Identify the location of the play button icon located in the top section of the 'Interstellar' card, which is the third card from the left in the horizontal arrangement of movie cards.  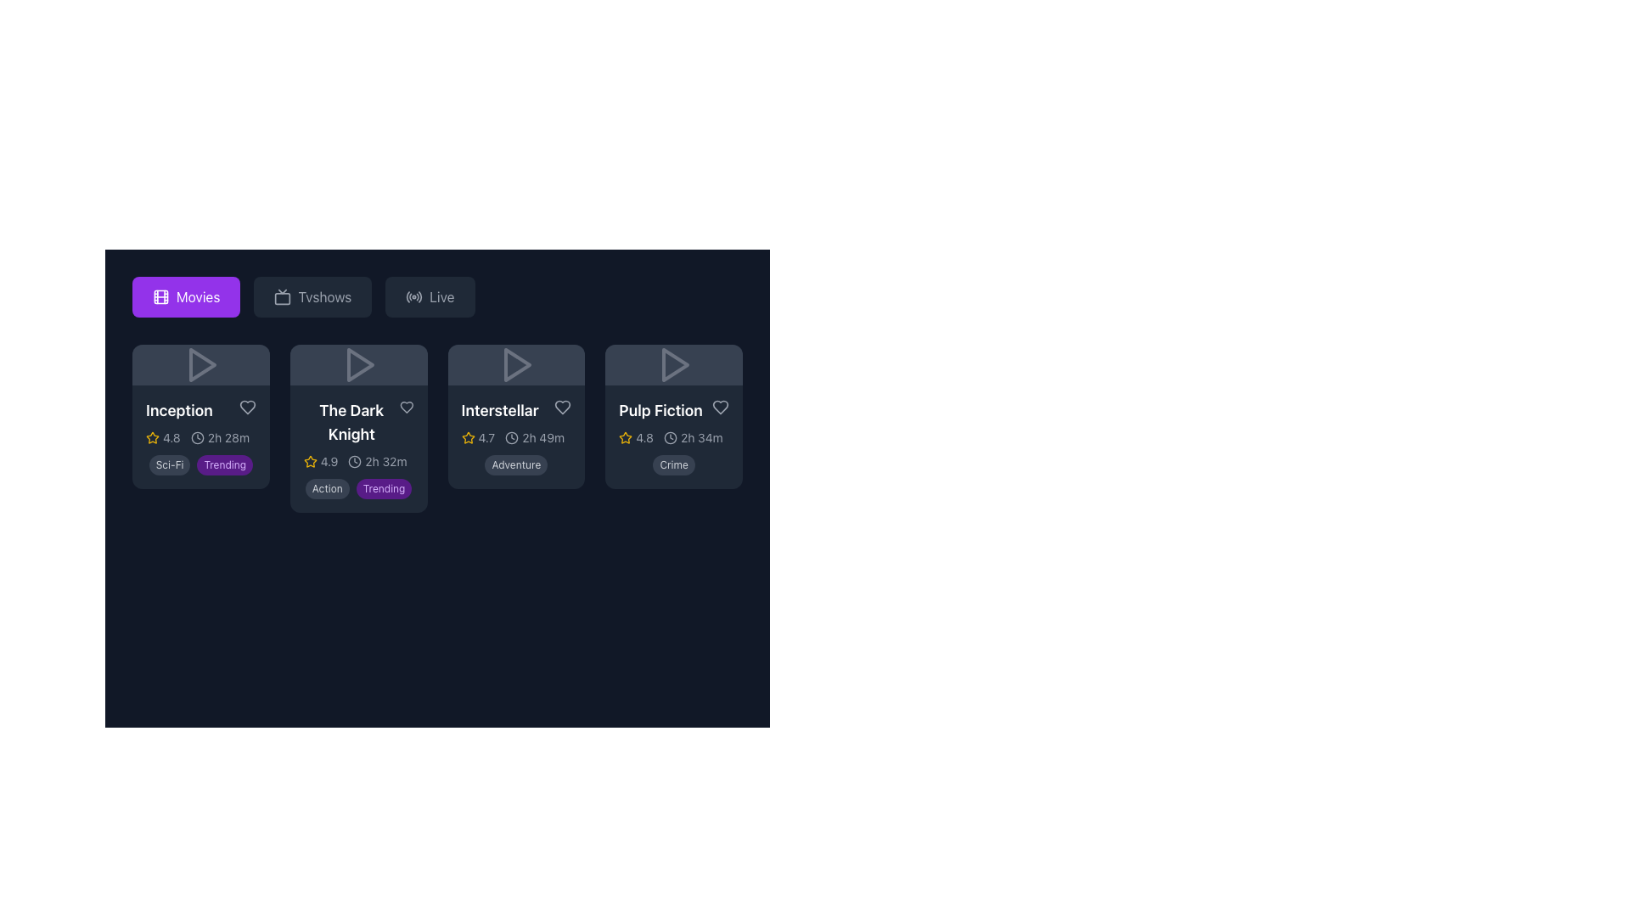
(517, 363).